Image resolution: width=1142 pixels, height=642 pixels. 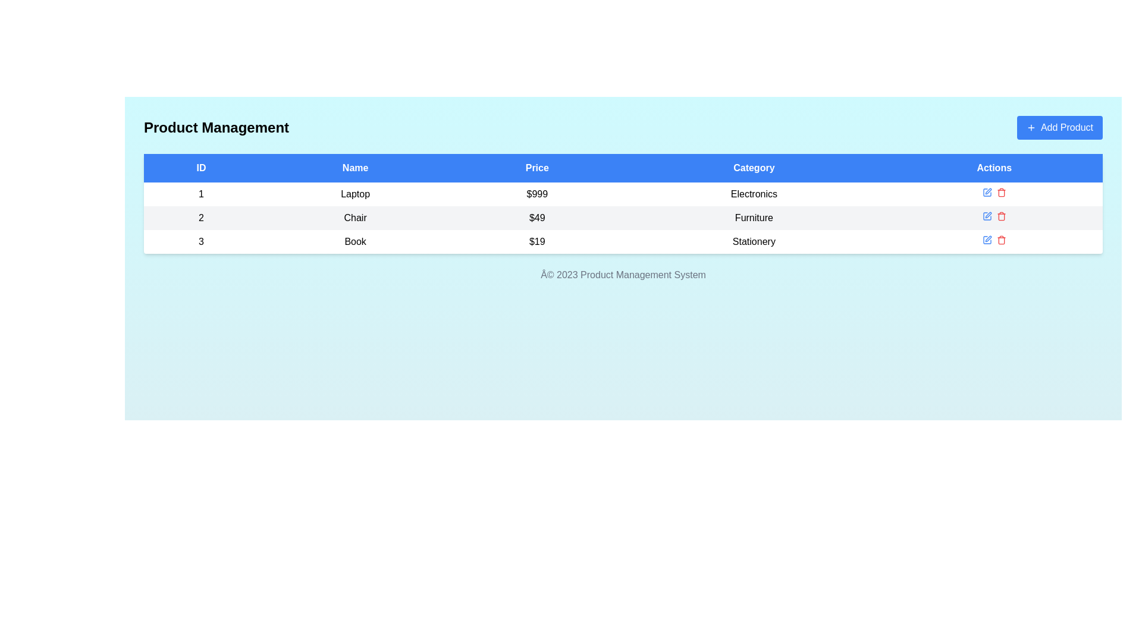 I want to click on the trash icon segment in the Actions column of the second row, so click(x=1000, y=217).